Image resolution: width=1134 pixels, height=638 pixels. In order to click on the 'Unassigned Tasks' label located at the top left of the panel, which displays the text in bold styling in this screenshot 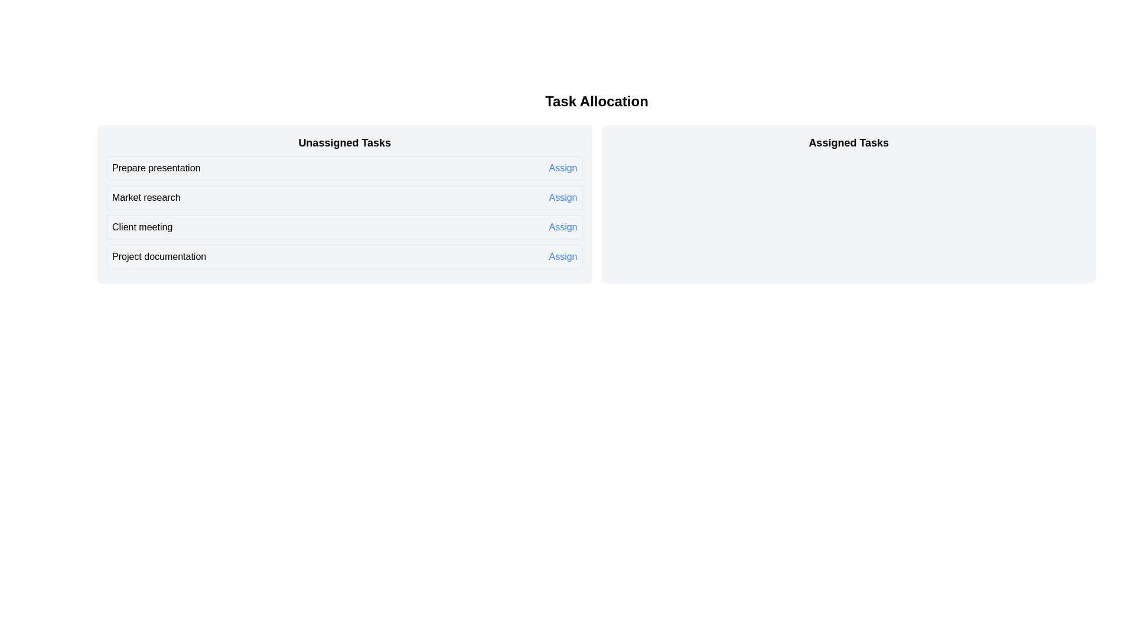, I will do `click(344, 142)`.